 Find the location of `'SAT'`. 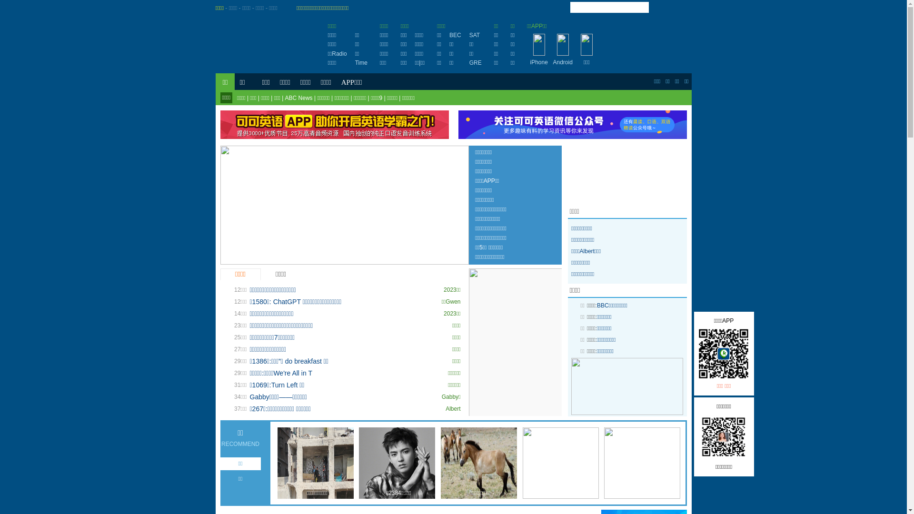

'SAT' is located at coordinates (475, 34).